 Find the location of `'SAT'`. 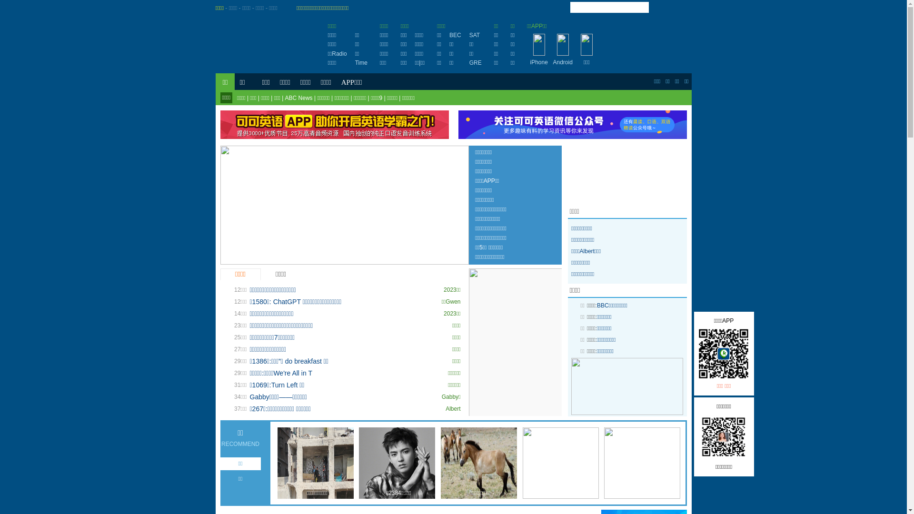

'SAT' is located at coordinates (475, 34).